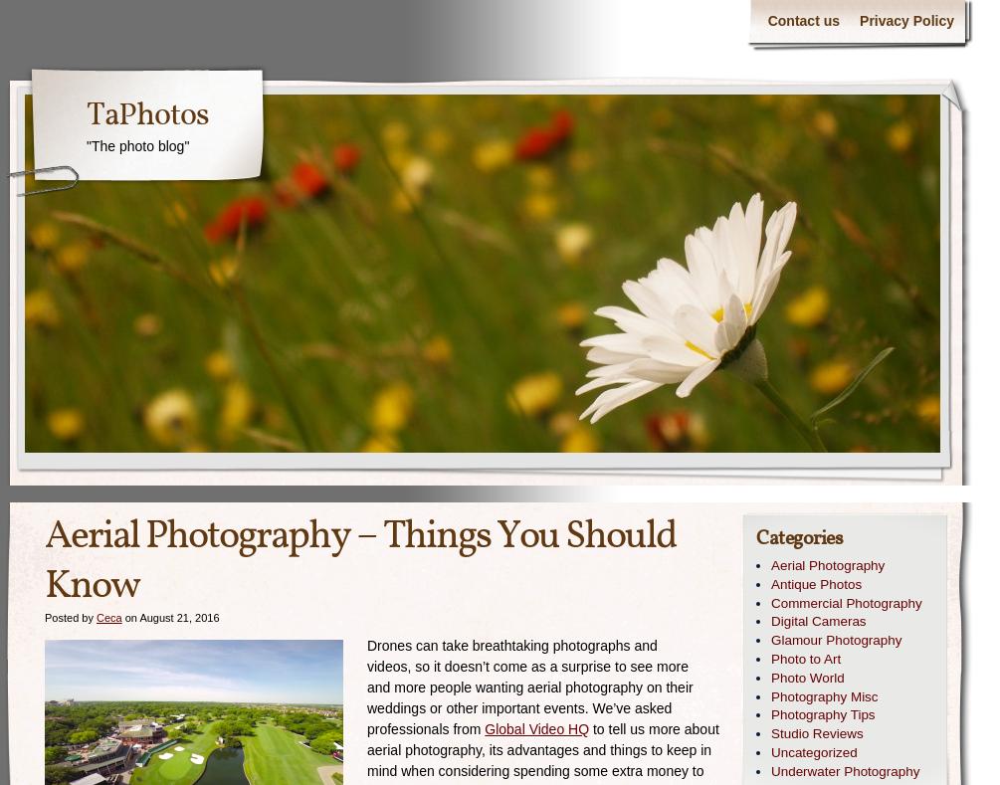 This screenshot has width=1000, height=785. Describe the element at coordinates (770, 565) in the screenshot. I see `'Aerial Photography'` at that location.